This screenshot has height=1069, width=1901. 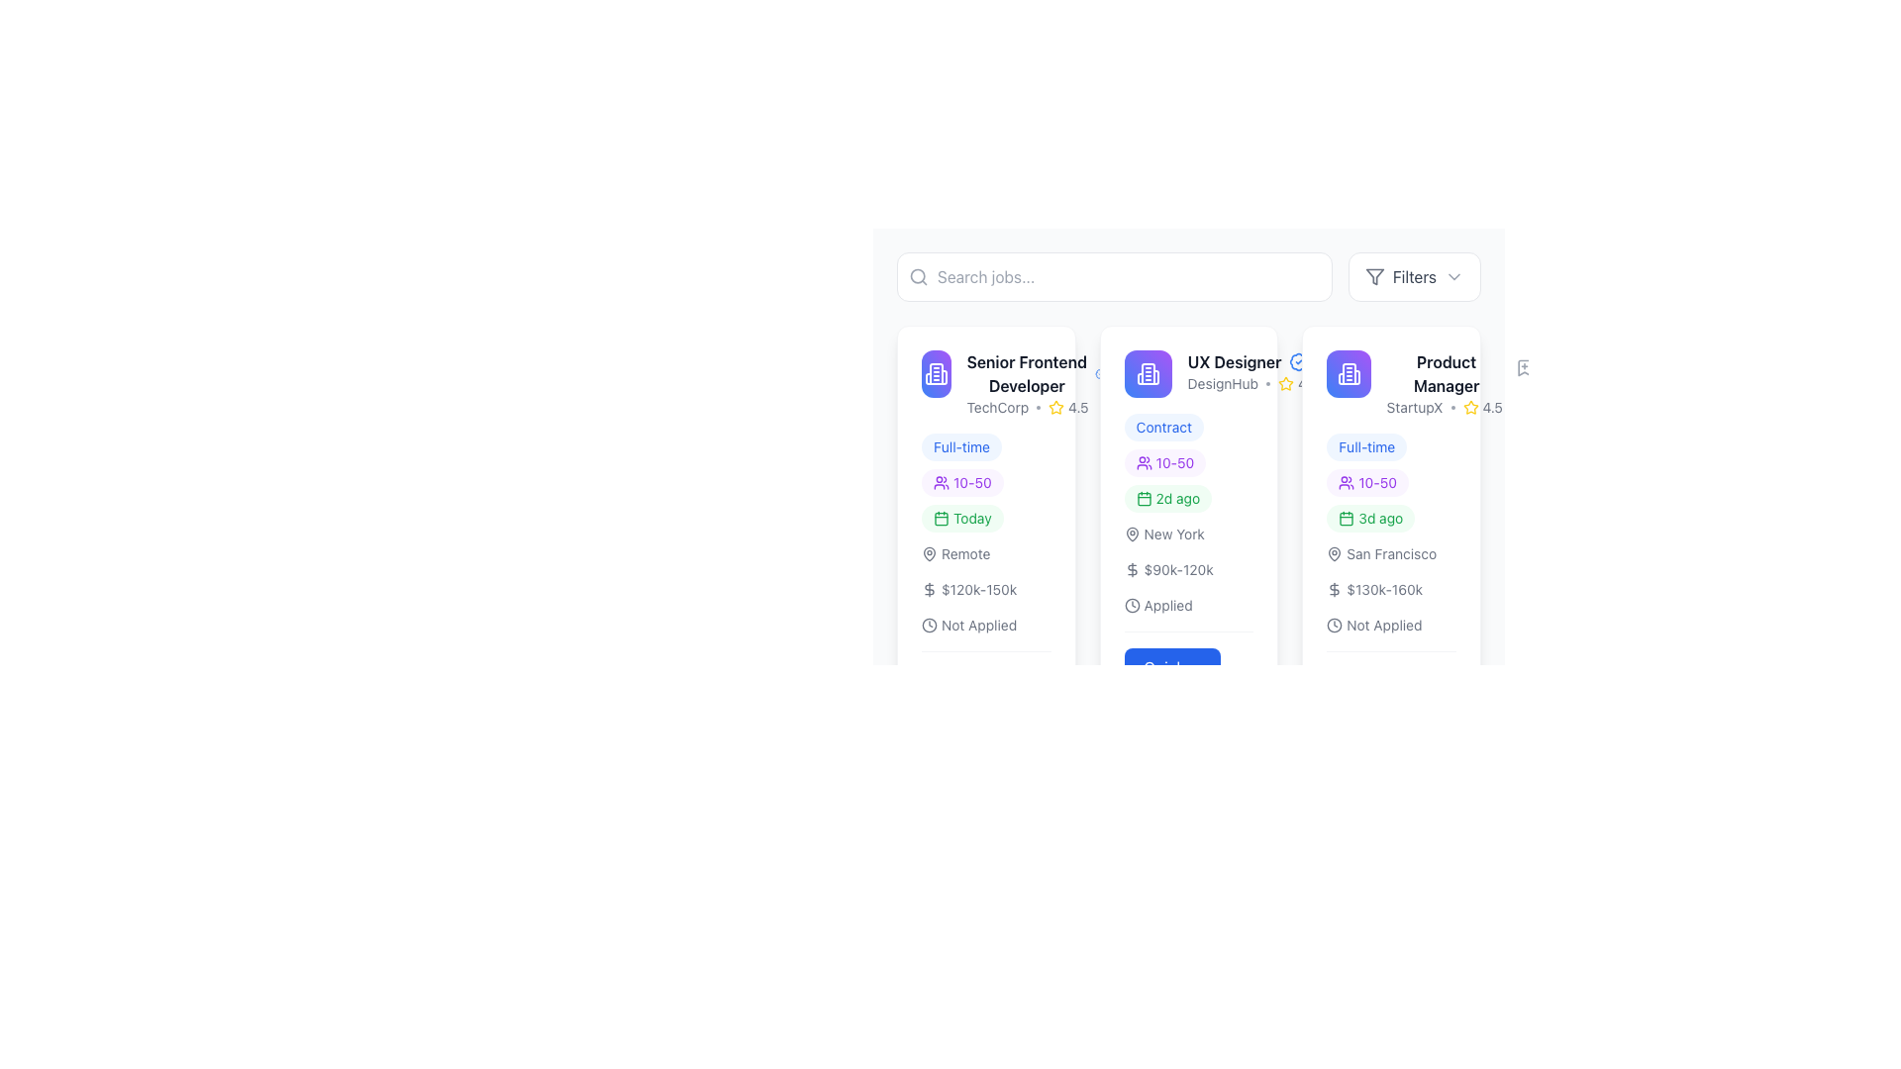 I want to click on the star icon located directly below the job title 'Senior Frontend Developer', so click(x=1036, y=407).